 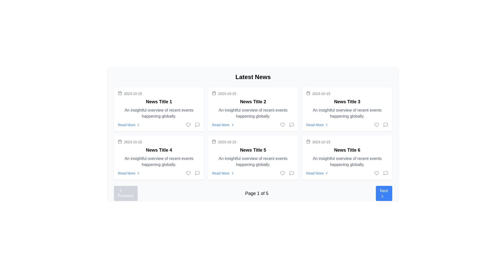 I want to click on the Heading text element in the third-column card under 'Latest News', which serves as the title for a news item, so click(x=347, y=102).